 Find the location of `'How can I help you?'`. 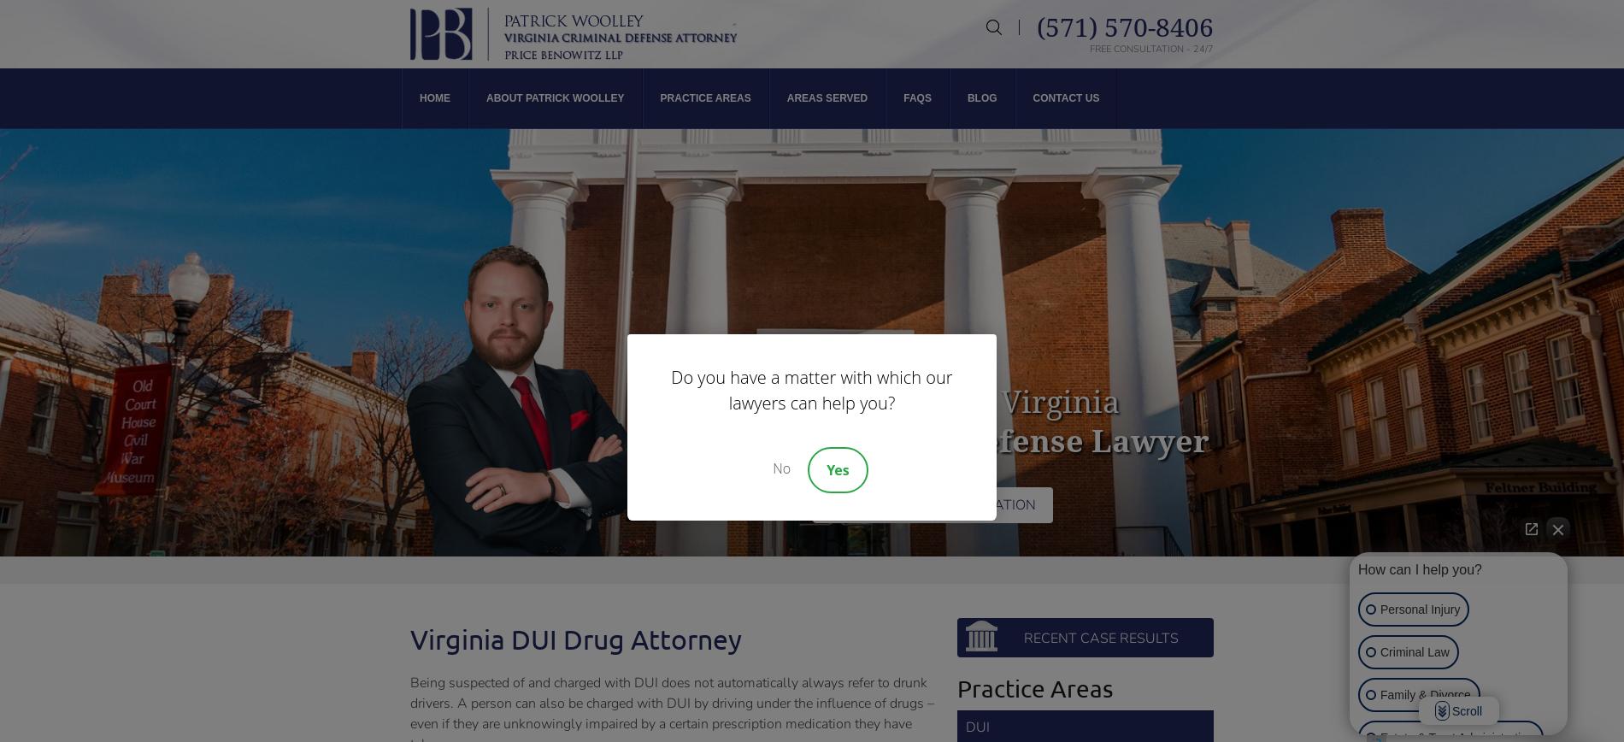

'How can I help you?' is located at coordinates (1357, 569).